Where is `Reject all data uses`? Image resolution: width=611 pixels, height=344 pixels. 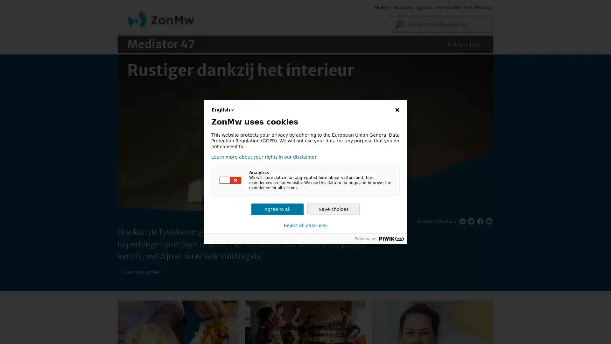
Reject all data uses is located at coordinates (305, 225).